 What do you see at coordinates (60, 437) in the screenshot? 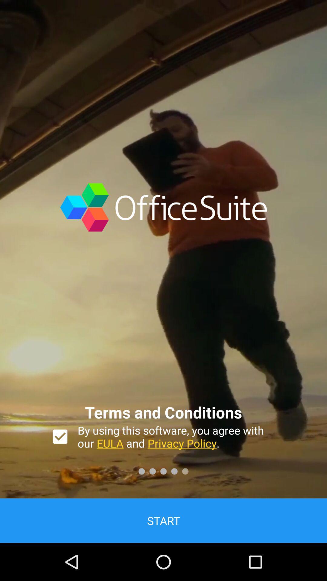
I see `the check box` at bounding box center [60, 437].